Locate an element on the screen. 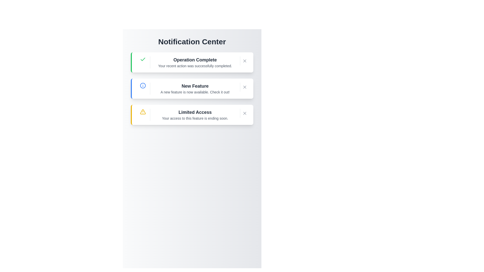 The image size is (484, 272). the static text block that informs the user about new feature availability, located in the second notification box of the Notification Center panel, between the 'Operation Complete' and 'Limited Access' notifications is located at coordinates (195, 88).